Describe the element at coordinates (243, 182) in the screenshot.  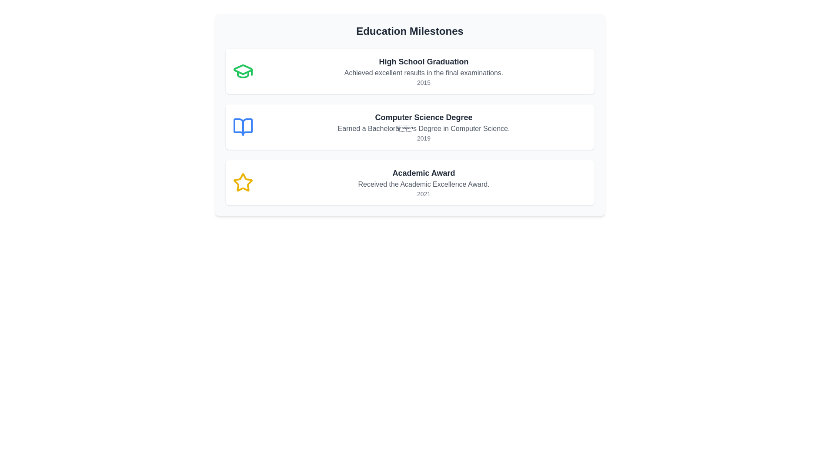
I see `the yellow star icon representing recognition, achievement, or excellence in the 'Academic Award' section of the Education Milestones card` at that location.